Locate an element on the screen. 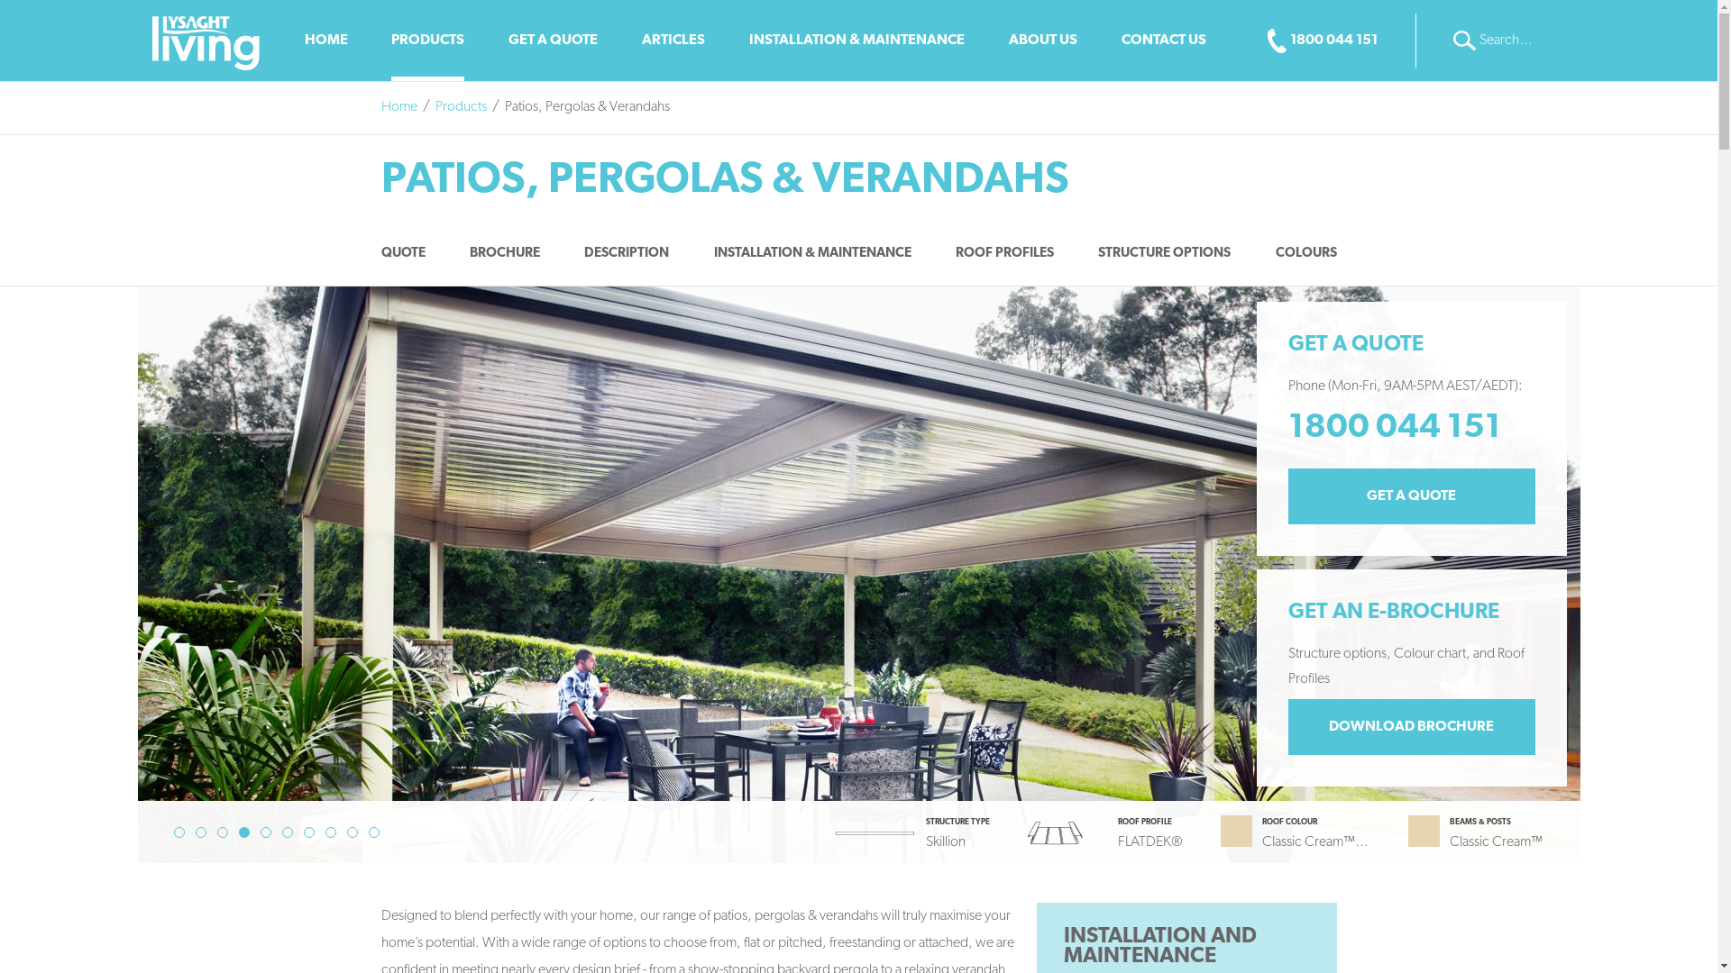 Image resolution: width=1731 pixels, height=973 pixels. 'INSTALLATION & MAINTENANCE' is located at coordinates (748, 41).